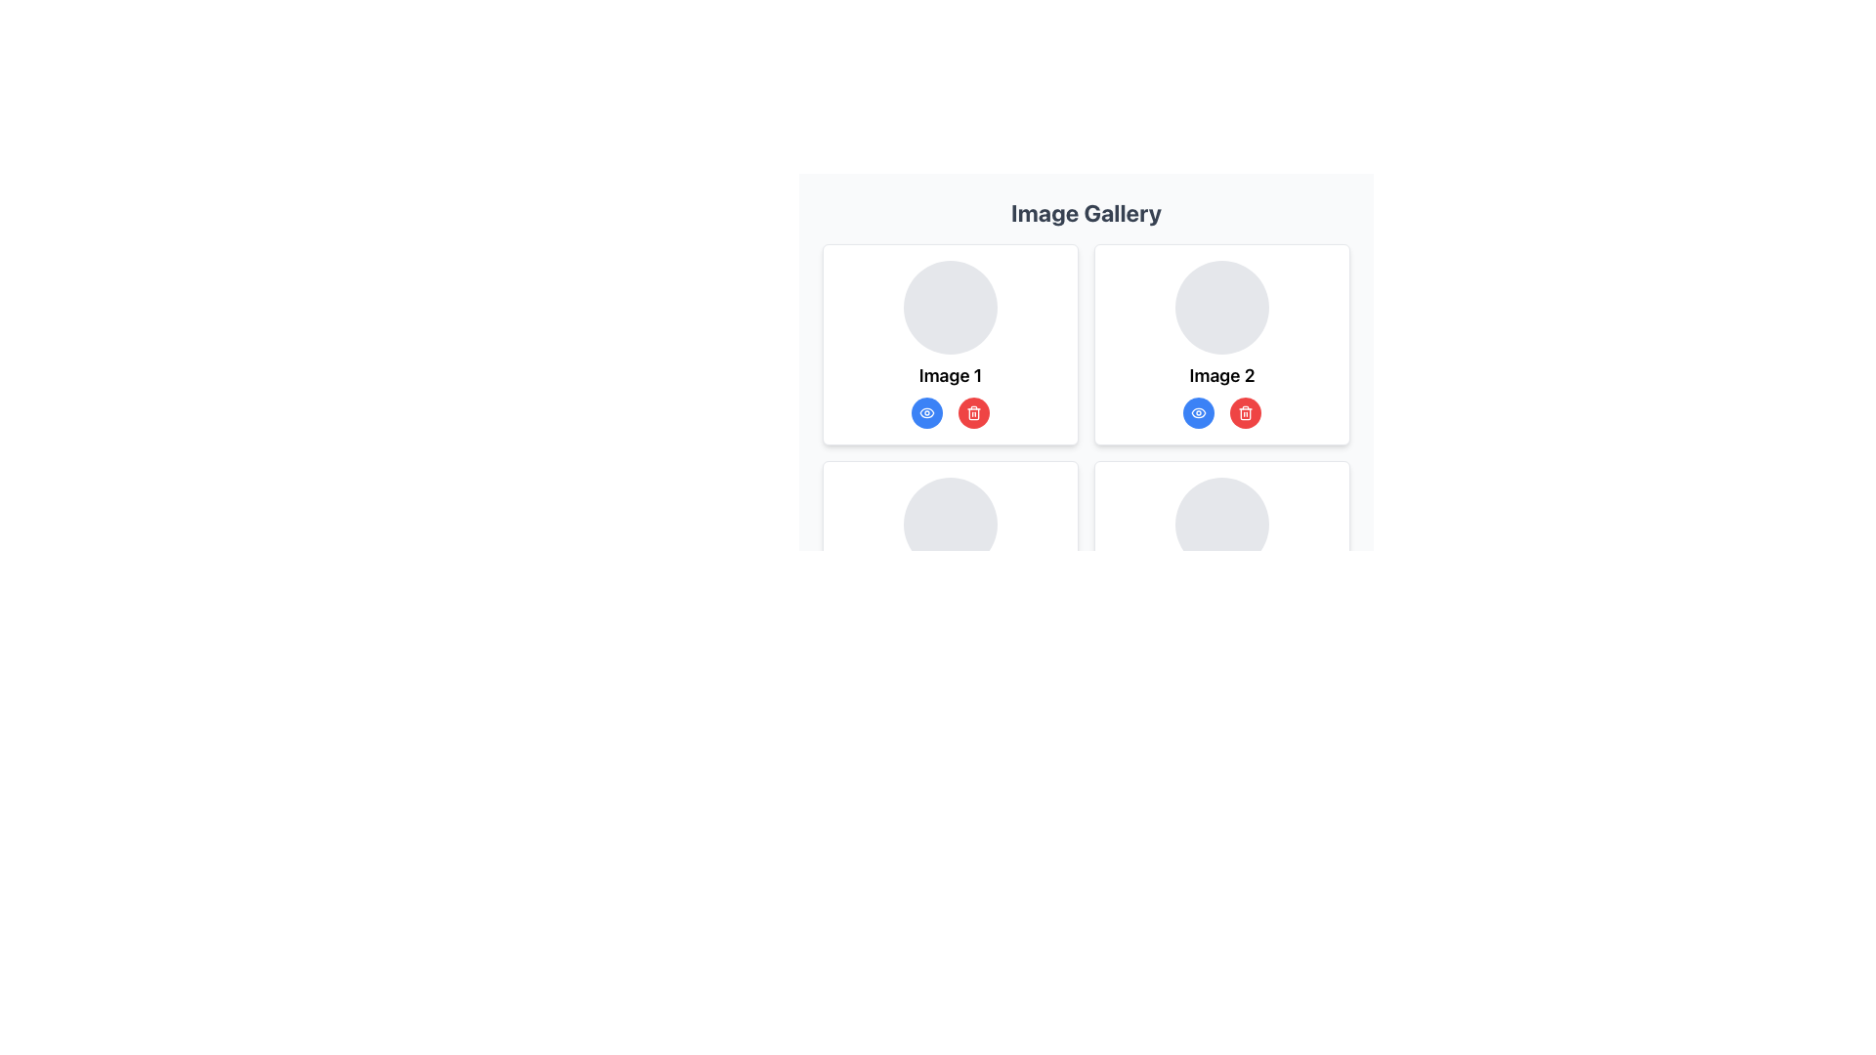  What do you see at coordinates (1245, 412) in the screenshot?
I see `the delete button located to the right of the blue circular eye icon button under the 'Image 2' thumbnail` at bounding box center [1245, 412].